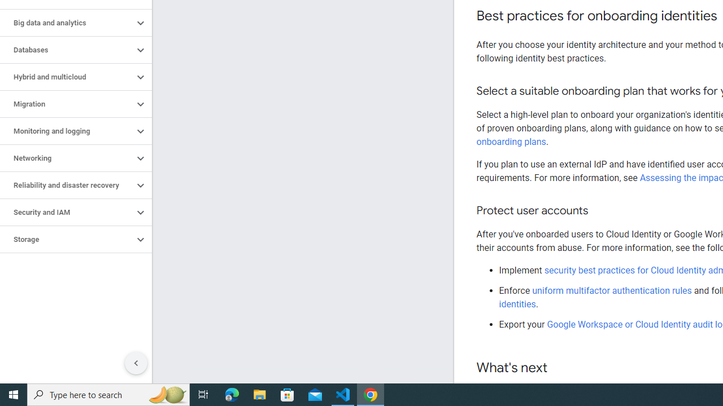  What do you see at coordinates (66, 185) in the screenshot?
I see `'Reliability and disaster recovery'` at bounding box center [66, 185].